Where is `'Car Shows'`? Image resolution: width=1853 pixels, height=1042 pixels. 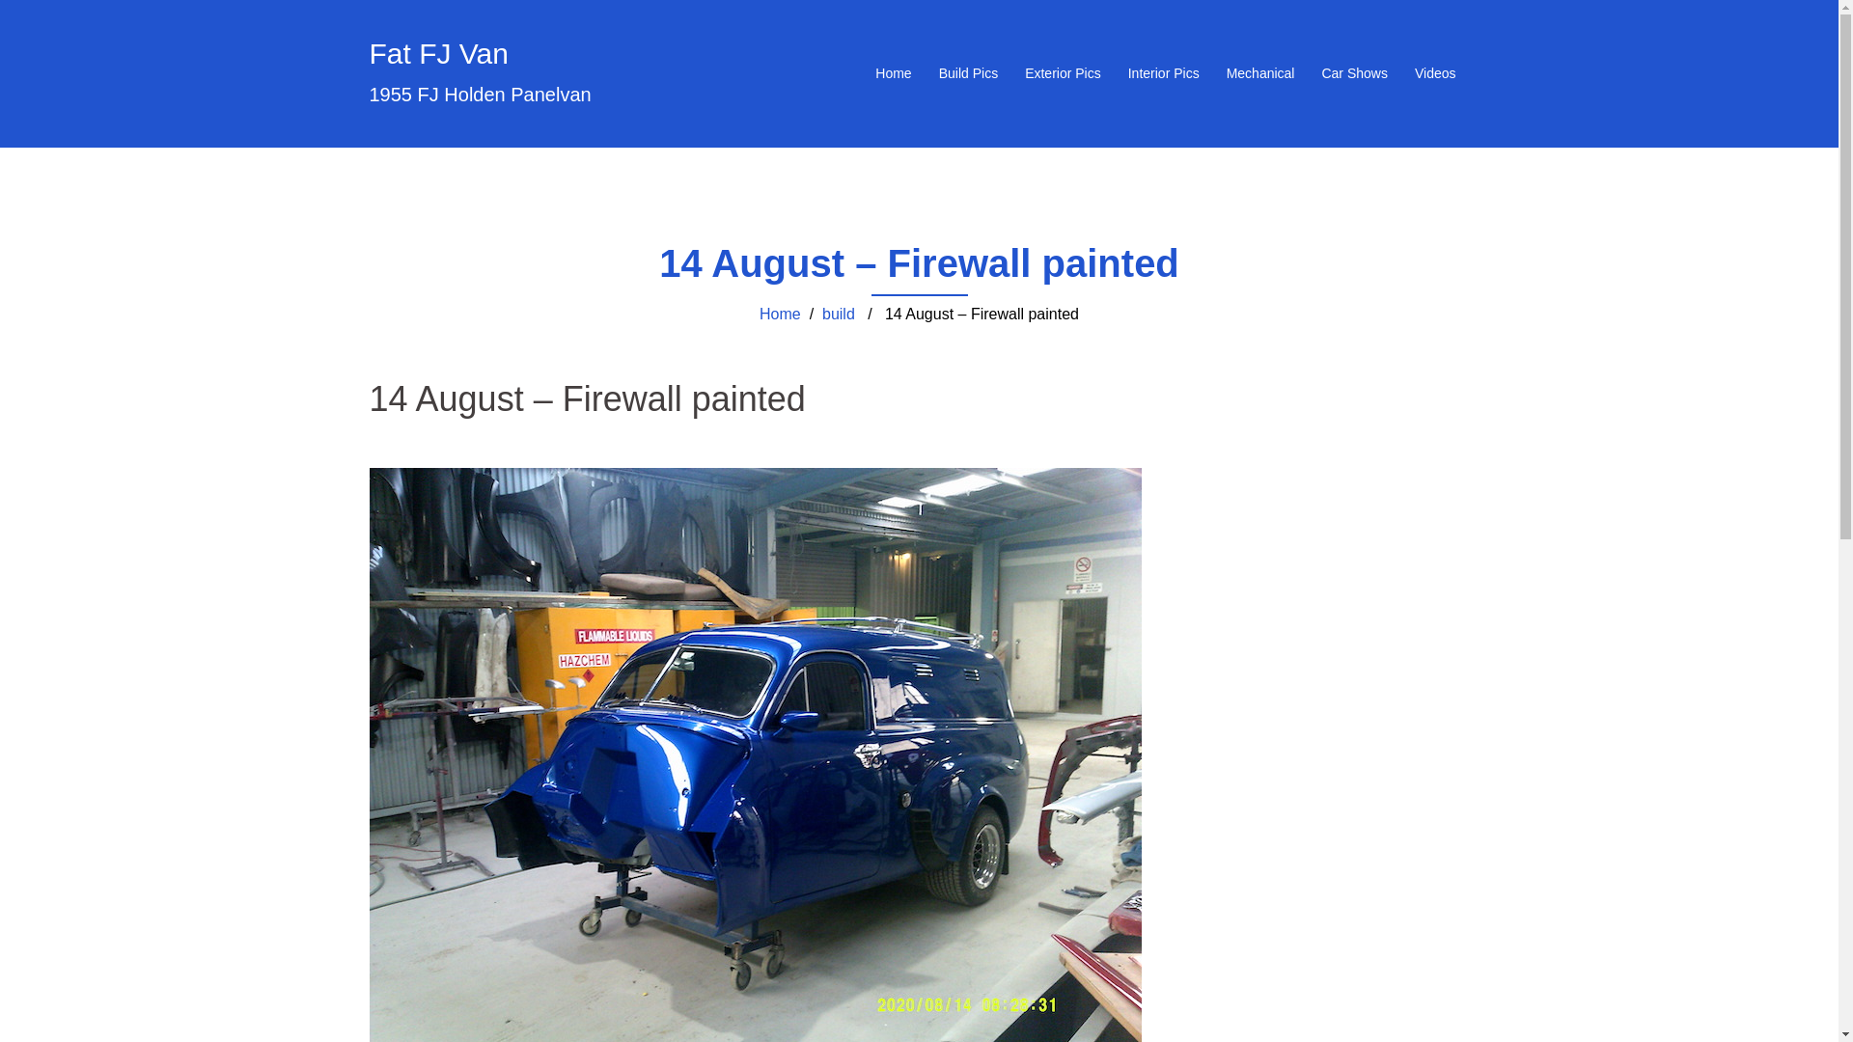
'Car Shows' is located at coordinates (1352, 72).